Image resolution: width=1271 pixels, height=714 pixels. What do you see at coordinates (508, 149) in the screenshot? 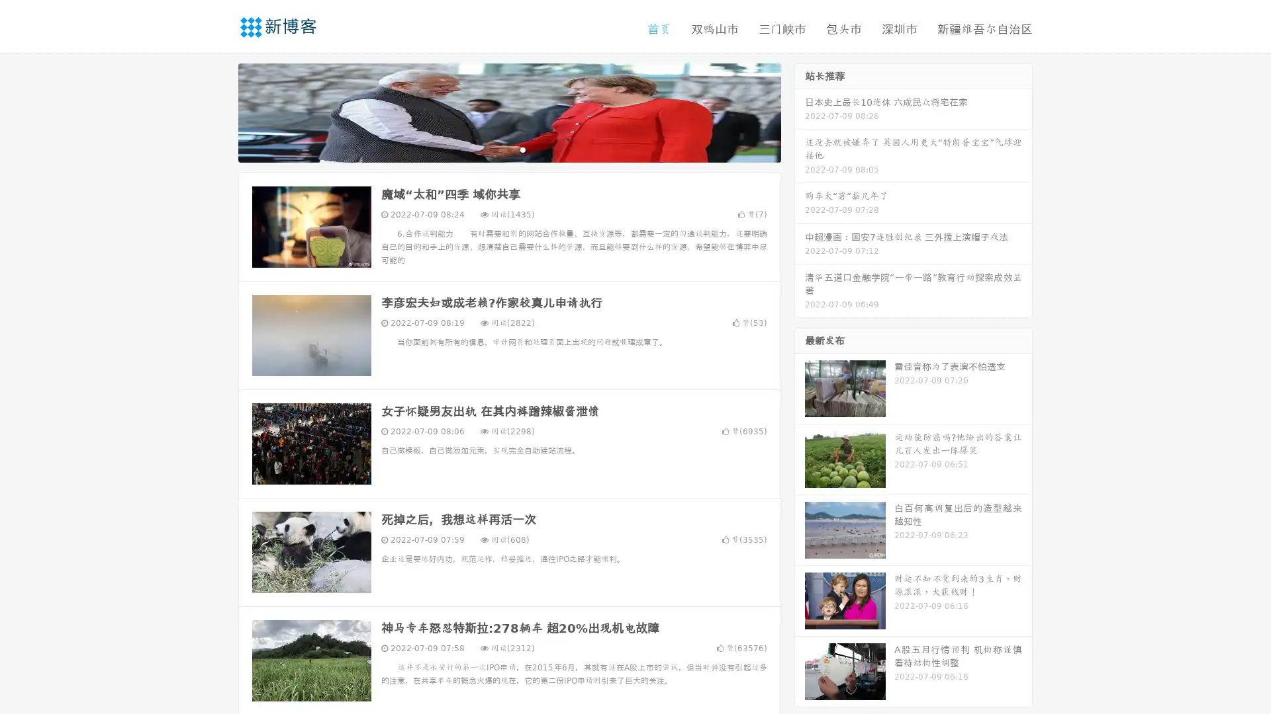
I see `Go to slide 2` at bounding box center [508, 149].